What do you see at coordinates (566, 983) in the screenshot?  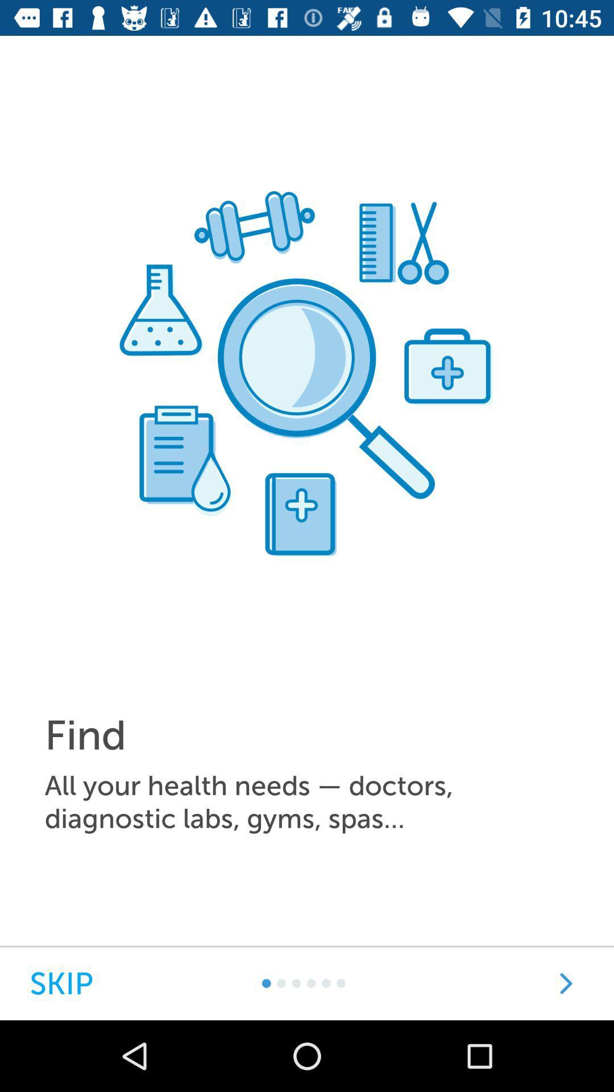 I see `go next` at bounding box center [566, 983].